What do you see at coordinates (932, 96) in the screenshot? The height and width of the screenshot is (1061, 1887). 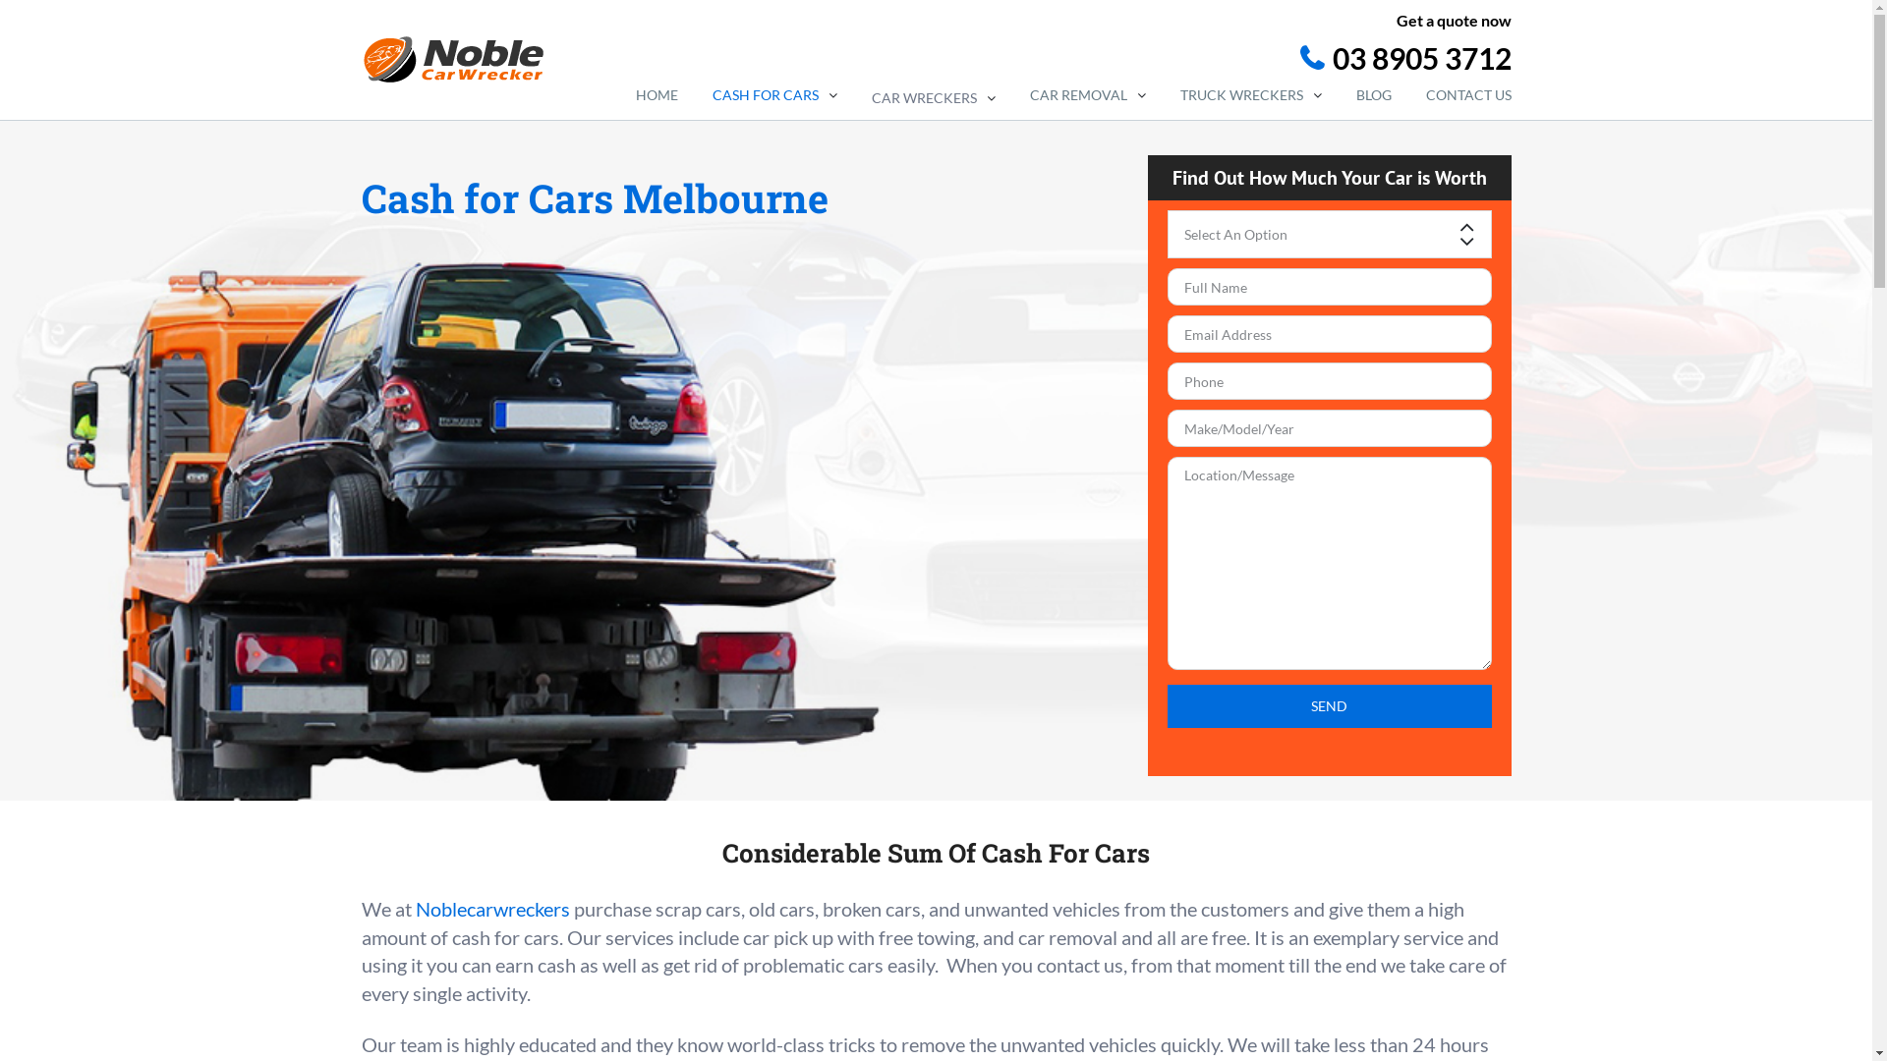 I see `'CAR WRECKERS'` at bounding box center [932, 96].